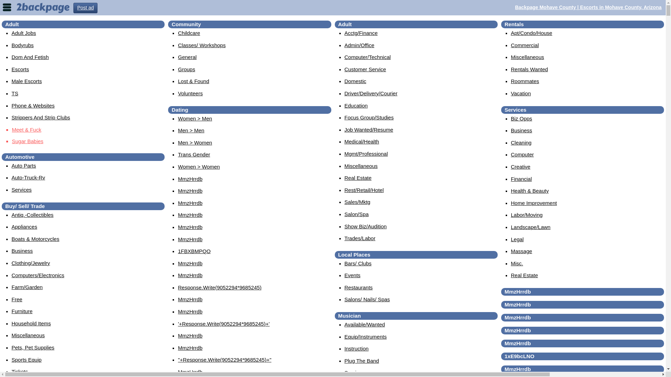  I want to click on 'Sales/Mktg', so click(344, 202).